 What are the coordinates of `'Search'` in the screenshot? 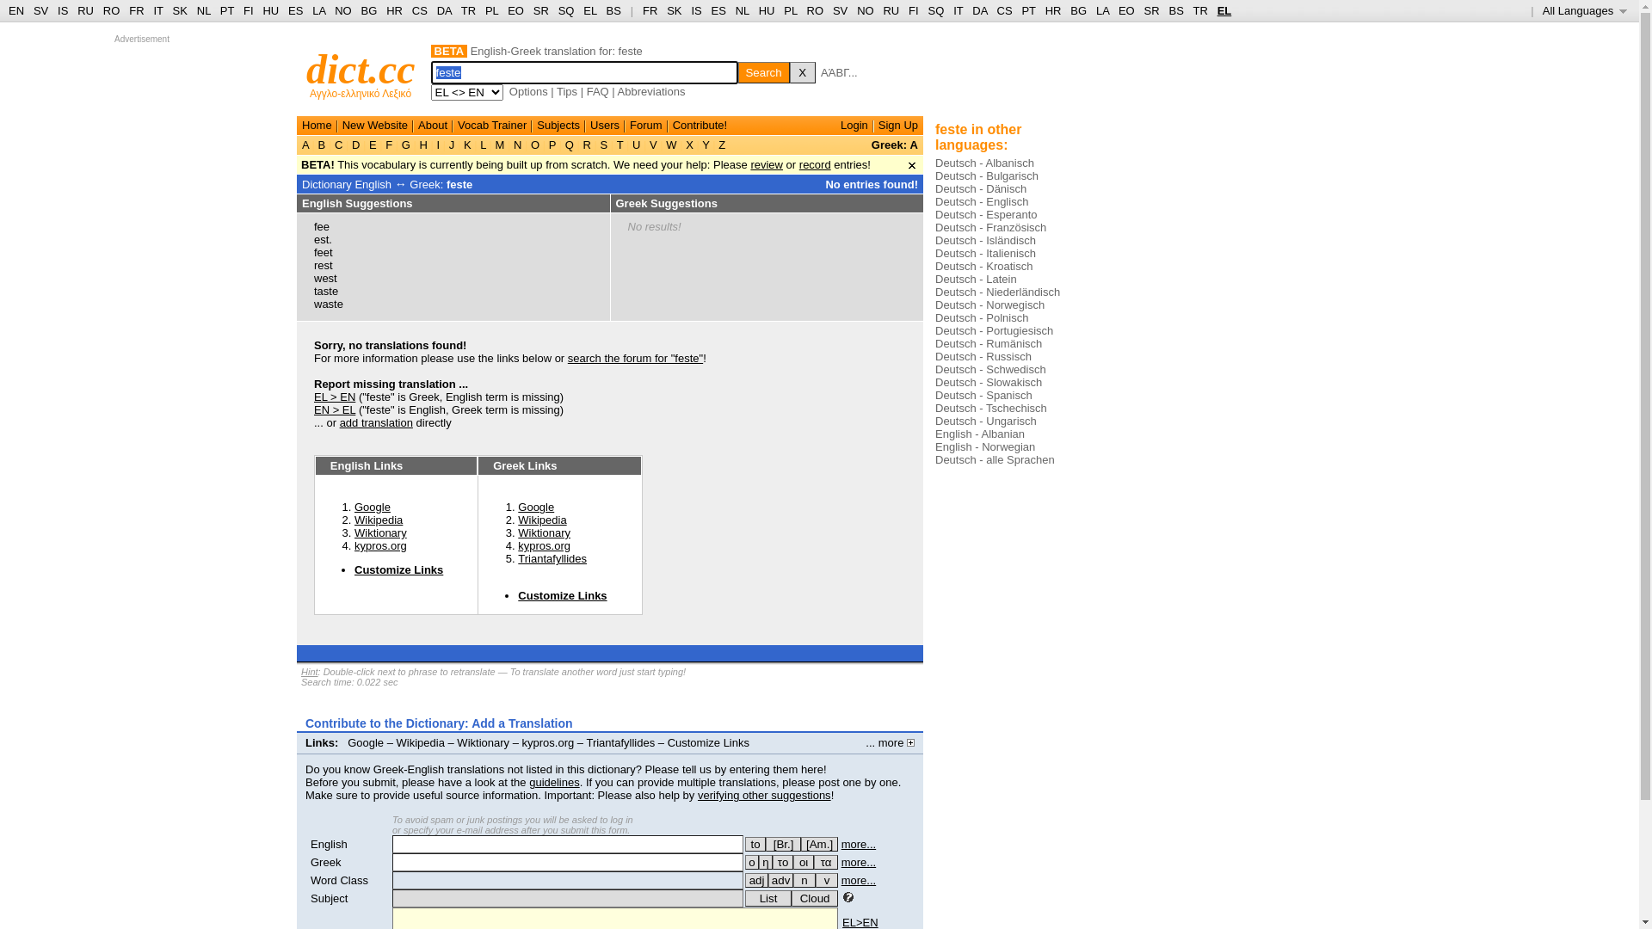 It's located at (763, 71).